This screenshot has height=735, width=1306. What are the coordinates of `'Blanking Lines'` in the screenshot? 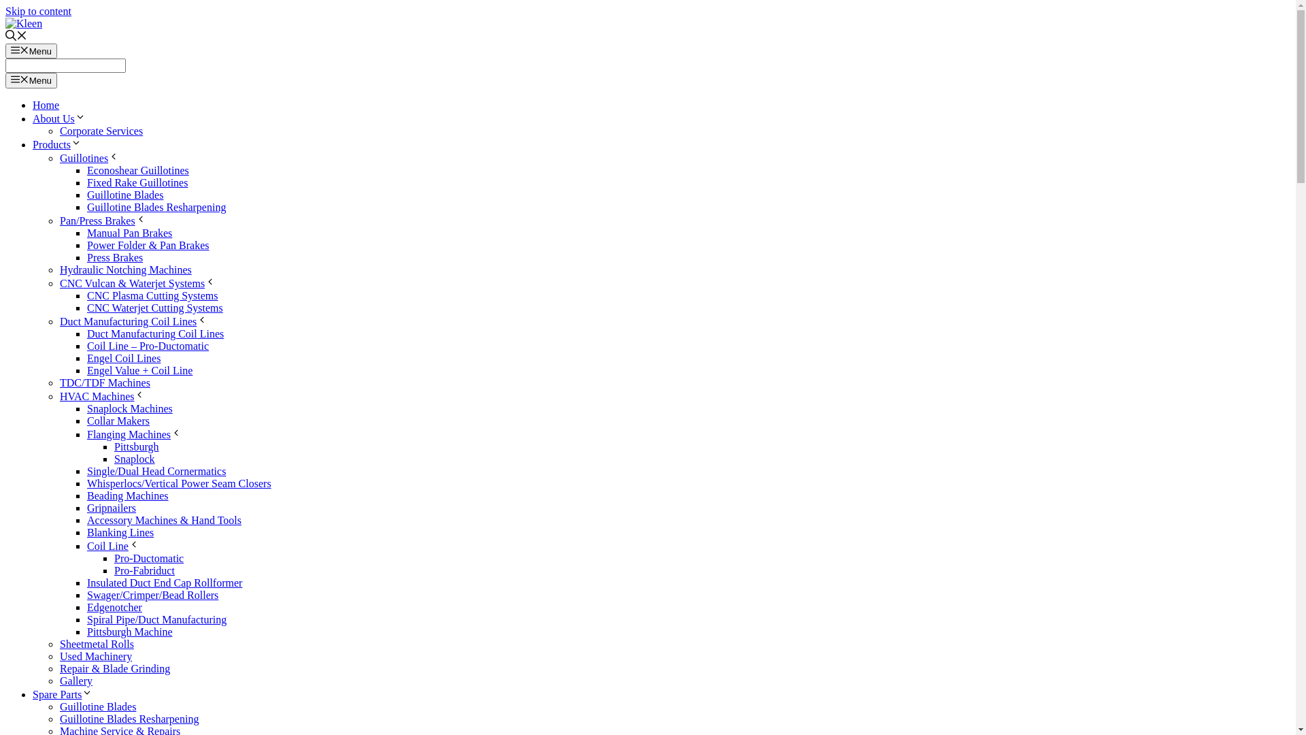 It's located at (120, 532).